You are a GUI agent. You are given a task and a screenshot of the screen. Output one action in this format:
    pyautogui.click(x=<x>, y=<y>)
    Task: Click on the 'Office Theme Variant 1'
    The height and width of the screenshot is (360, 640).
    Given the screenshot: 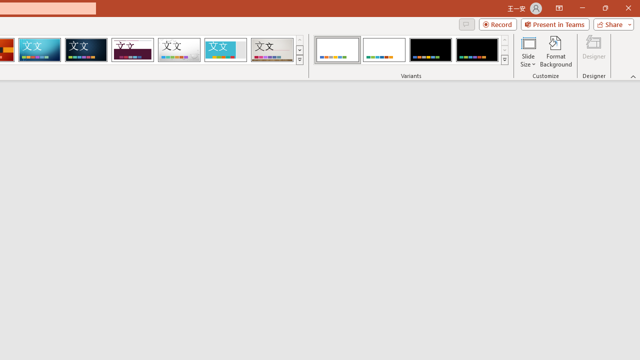 What is the action you would take?
    pyautogui.click(x=337, y=50)
    